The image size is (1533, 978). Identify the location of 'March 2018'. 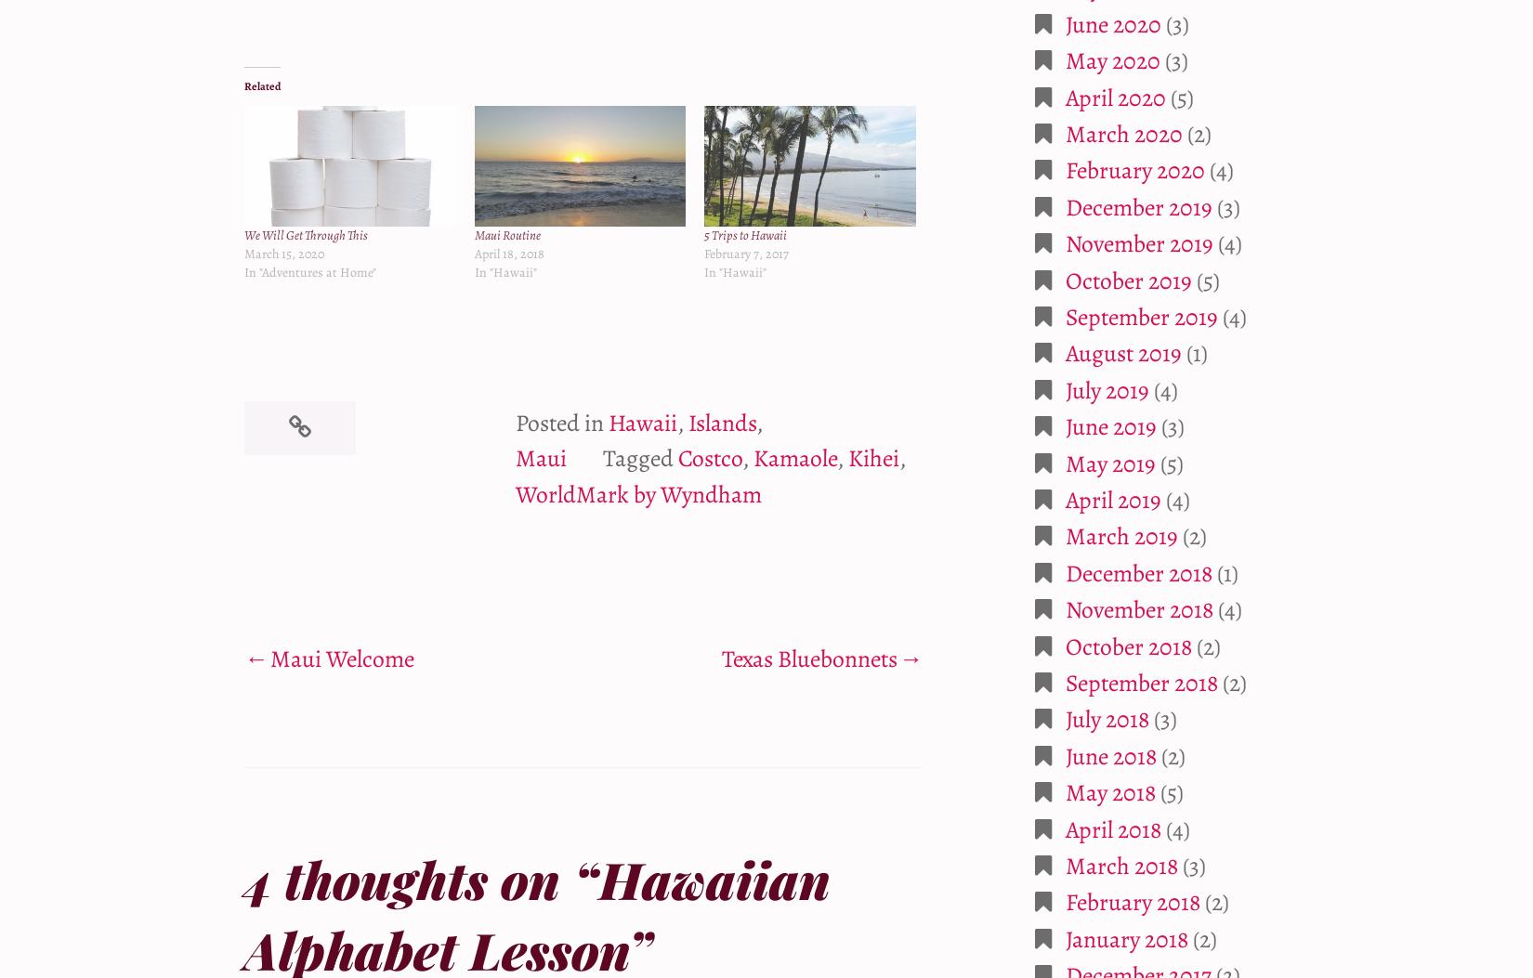
(1121, 864).